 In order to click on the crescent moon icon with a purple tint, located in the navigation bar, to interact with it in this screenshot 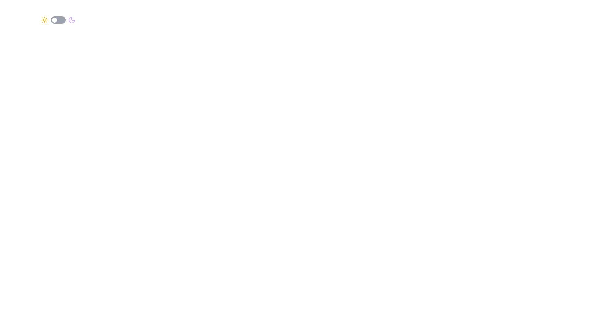, I will do `click(72, 20)`.